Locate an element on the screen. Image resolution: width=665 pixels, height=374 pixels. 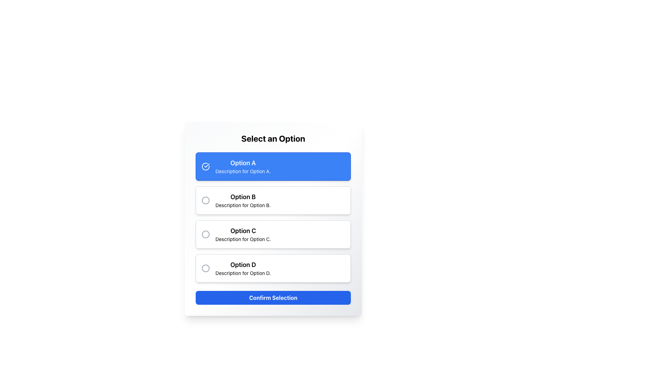
the confirmation button located at the bottom of the options list to trigger the visual hover effect is located at coordinates (273, 297).